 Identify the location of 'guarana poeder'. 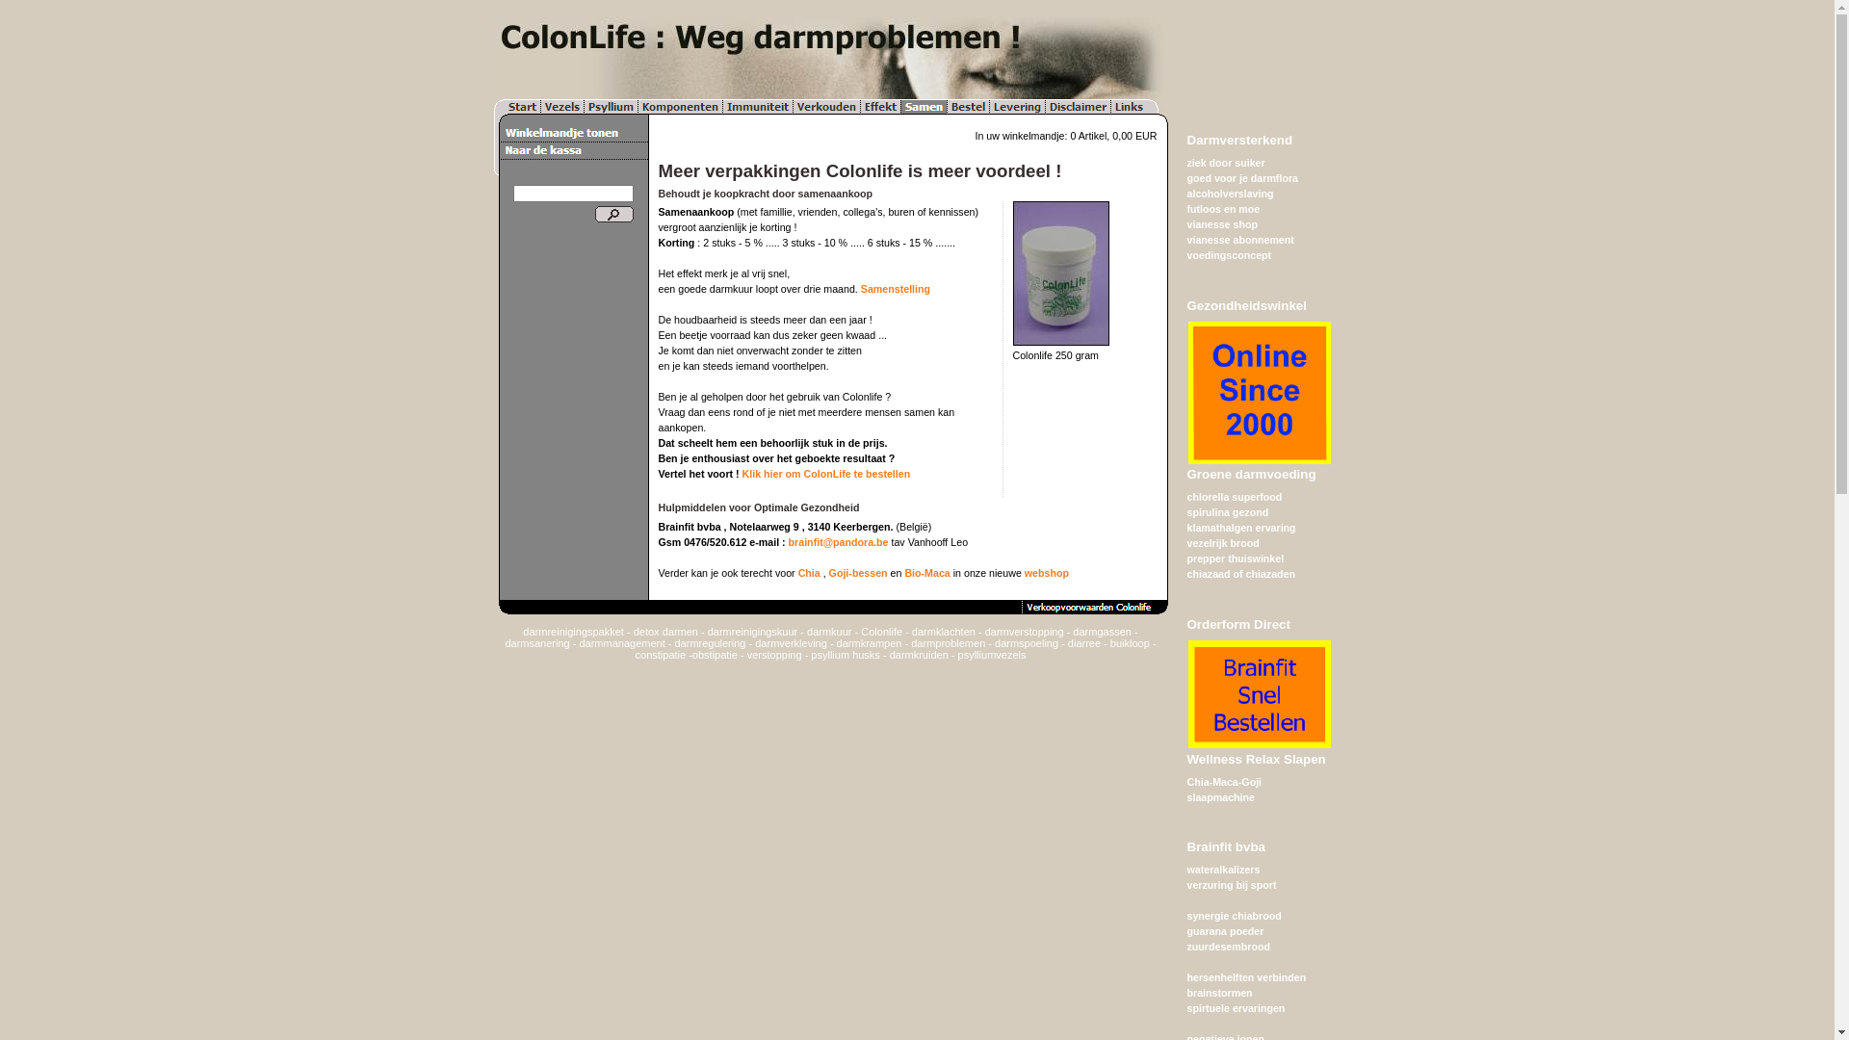
(1224, 930).